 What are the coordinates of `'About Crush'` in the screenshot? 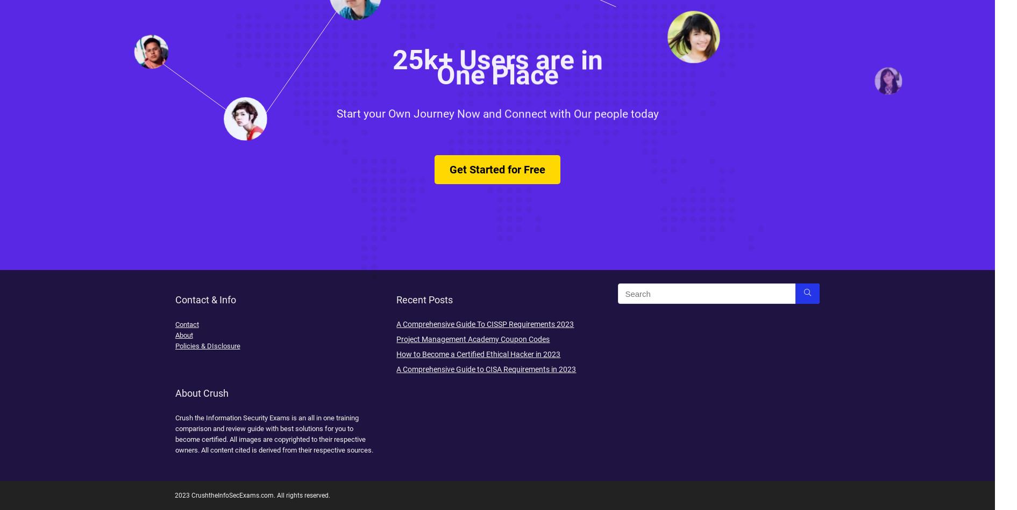 It's located at (201, 392).